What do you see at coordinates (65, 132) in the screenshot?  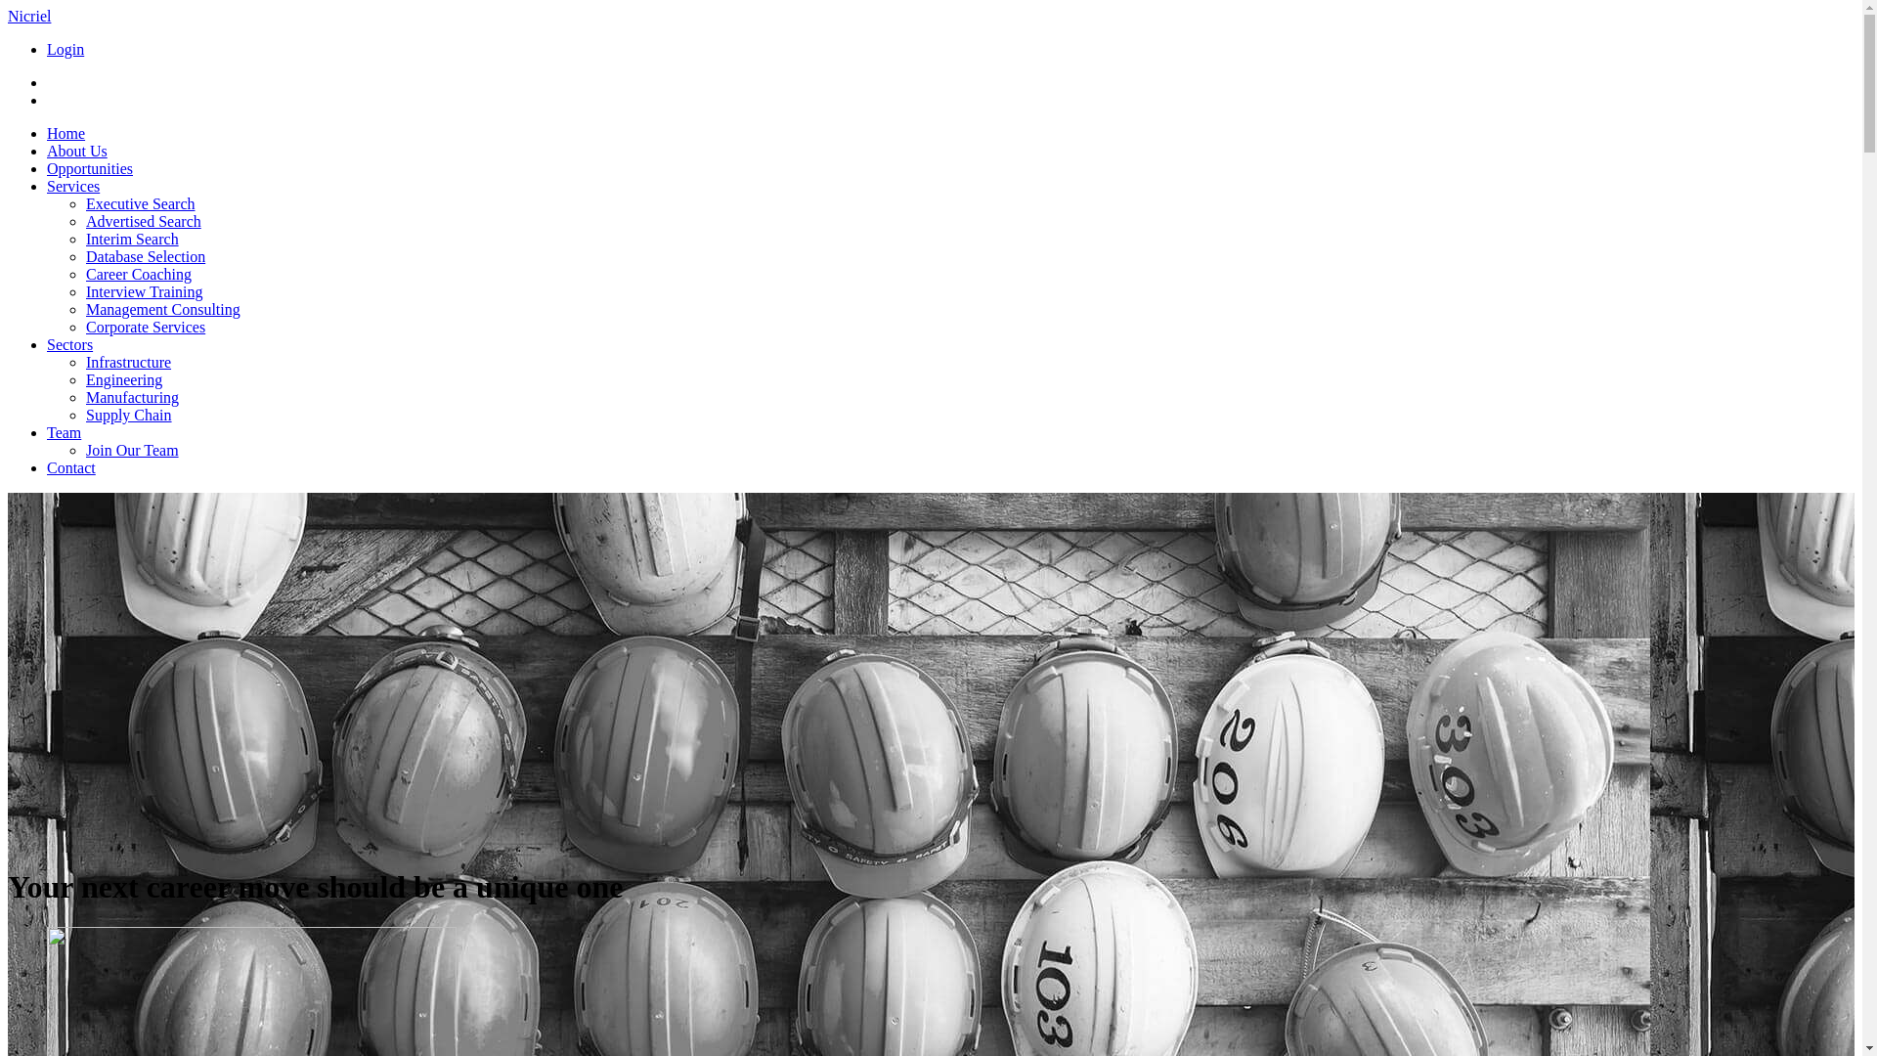 I see `'Home'` at bounding box center [65, 132].